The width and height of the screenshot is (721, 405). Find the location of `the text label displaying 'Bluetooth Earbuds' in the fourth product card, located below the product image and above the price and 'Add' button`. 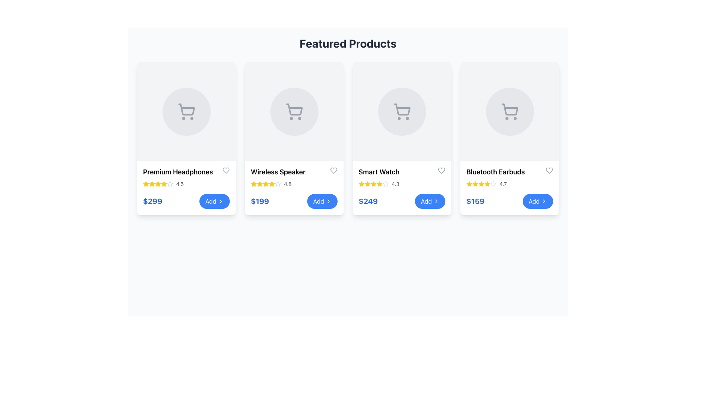

the text label displaying 'Bluetooth Earbuds' in the fourth product card, located below the product image and above the price and 'Add' button is located at coordinates (495, 172).